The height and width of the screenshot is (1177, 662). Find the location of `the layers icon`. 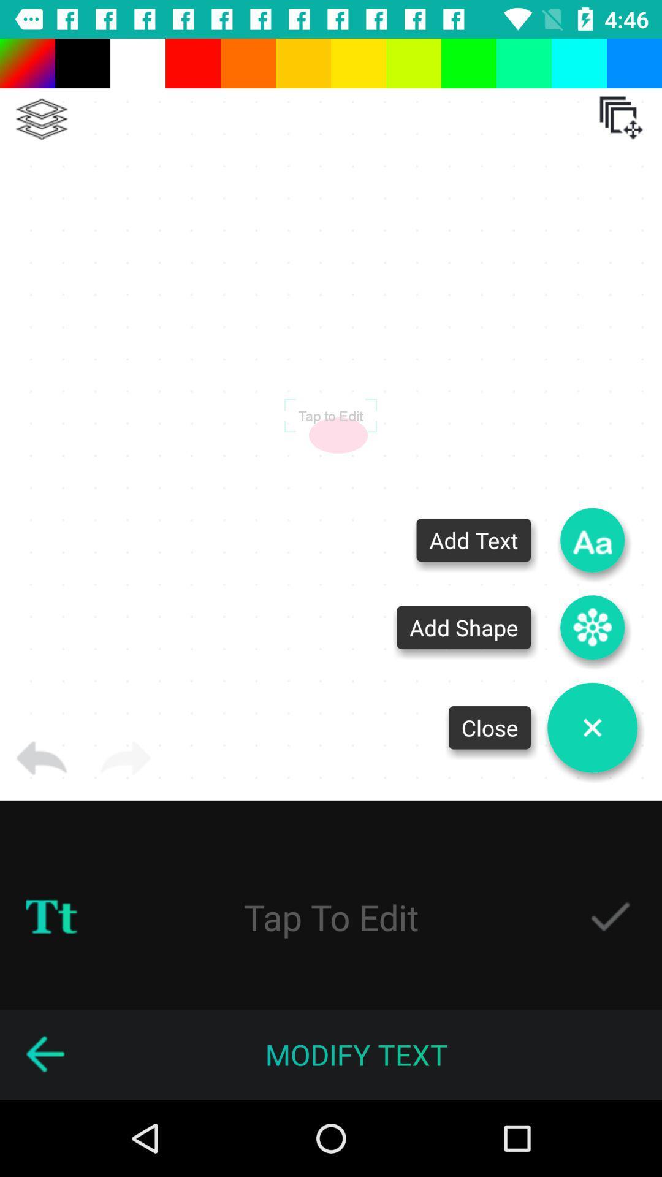

the layers icon is located at coordinates (41, 119).